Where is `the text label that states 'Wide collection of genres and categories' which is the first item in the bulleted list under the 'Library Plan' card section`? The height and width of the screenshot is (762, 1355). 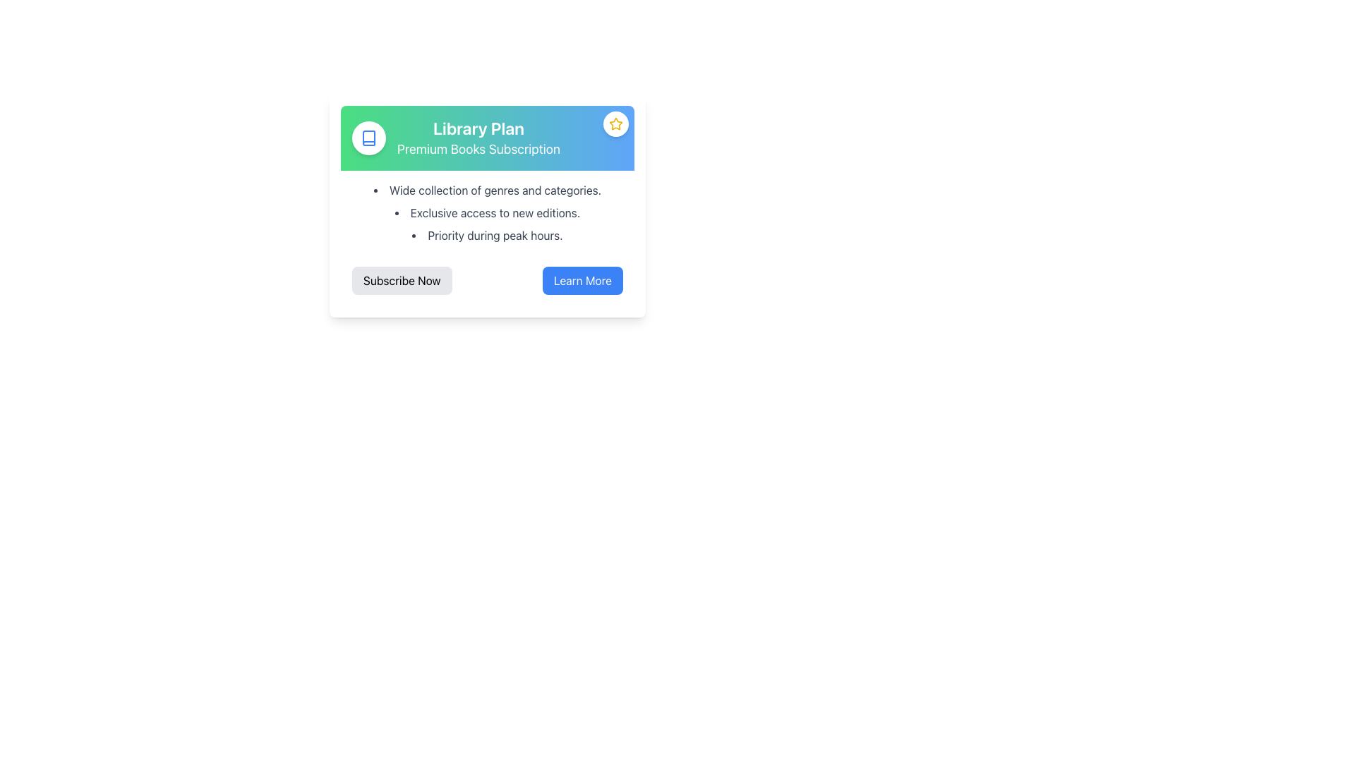
the text label that states 'Wide collection of genres and categories' which is the first item in the bulleted list under the 'Library Plan' card section is located at coordinates (488, 190).